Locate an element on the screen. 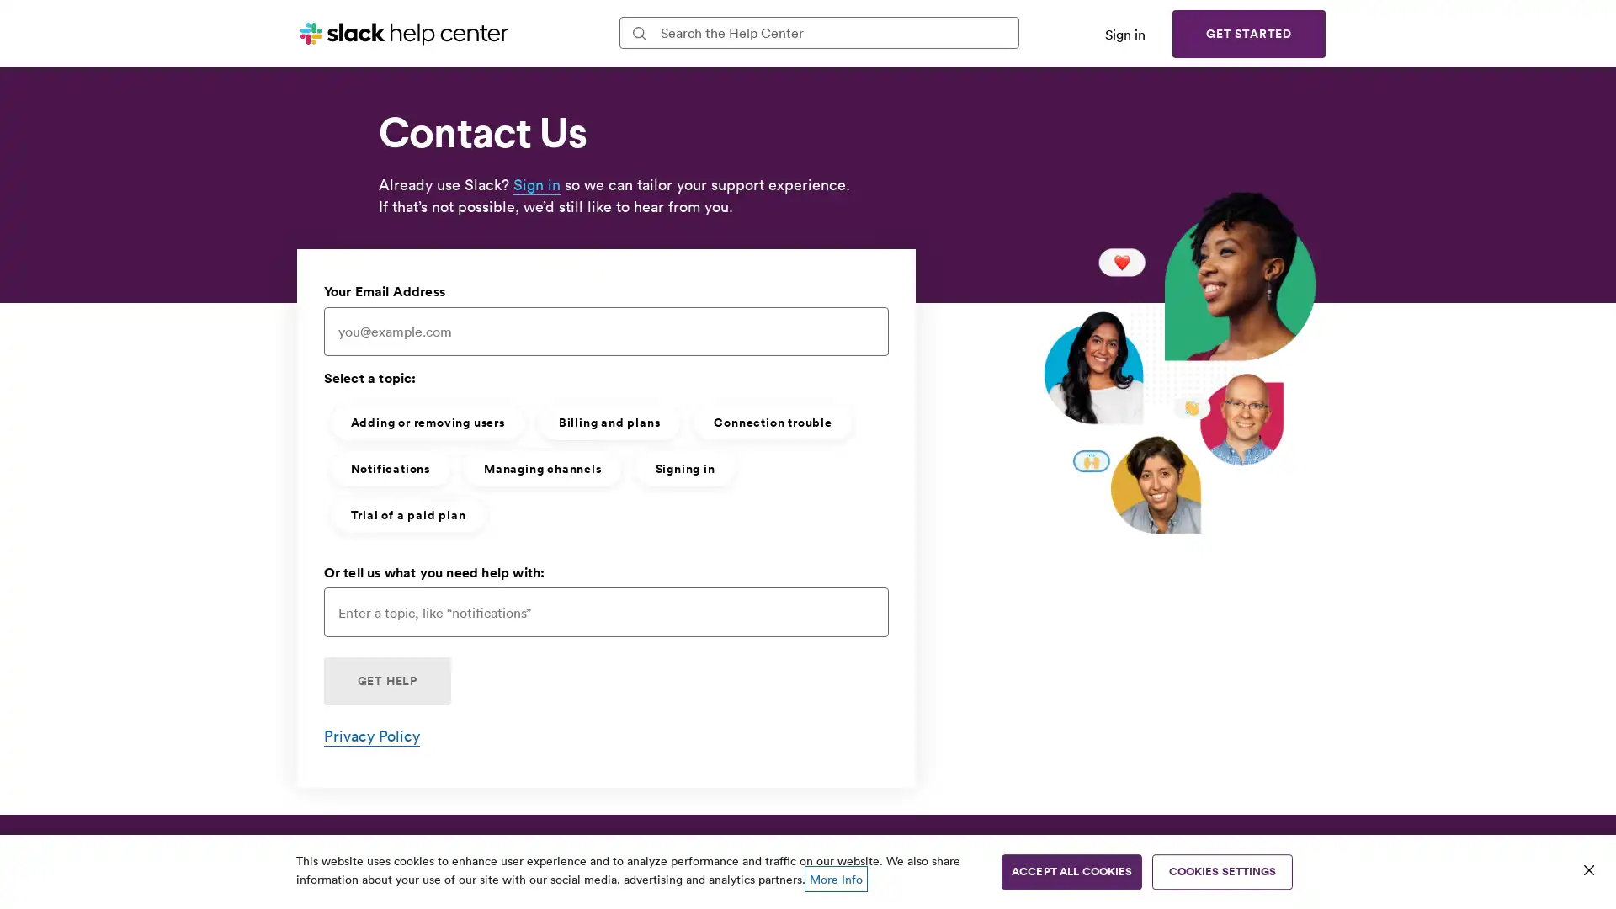 The image size is (1616, 909). Trial of a paid plan is located at coordinates (407, 513).